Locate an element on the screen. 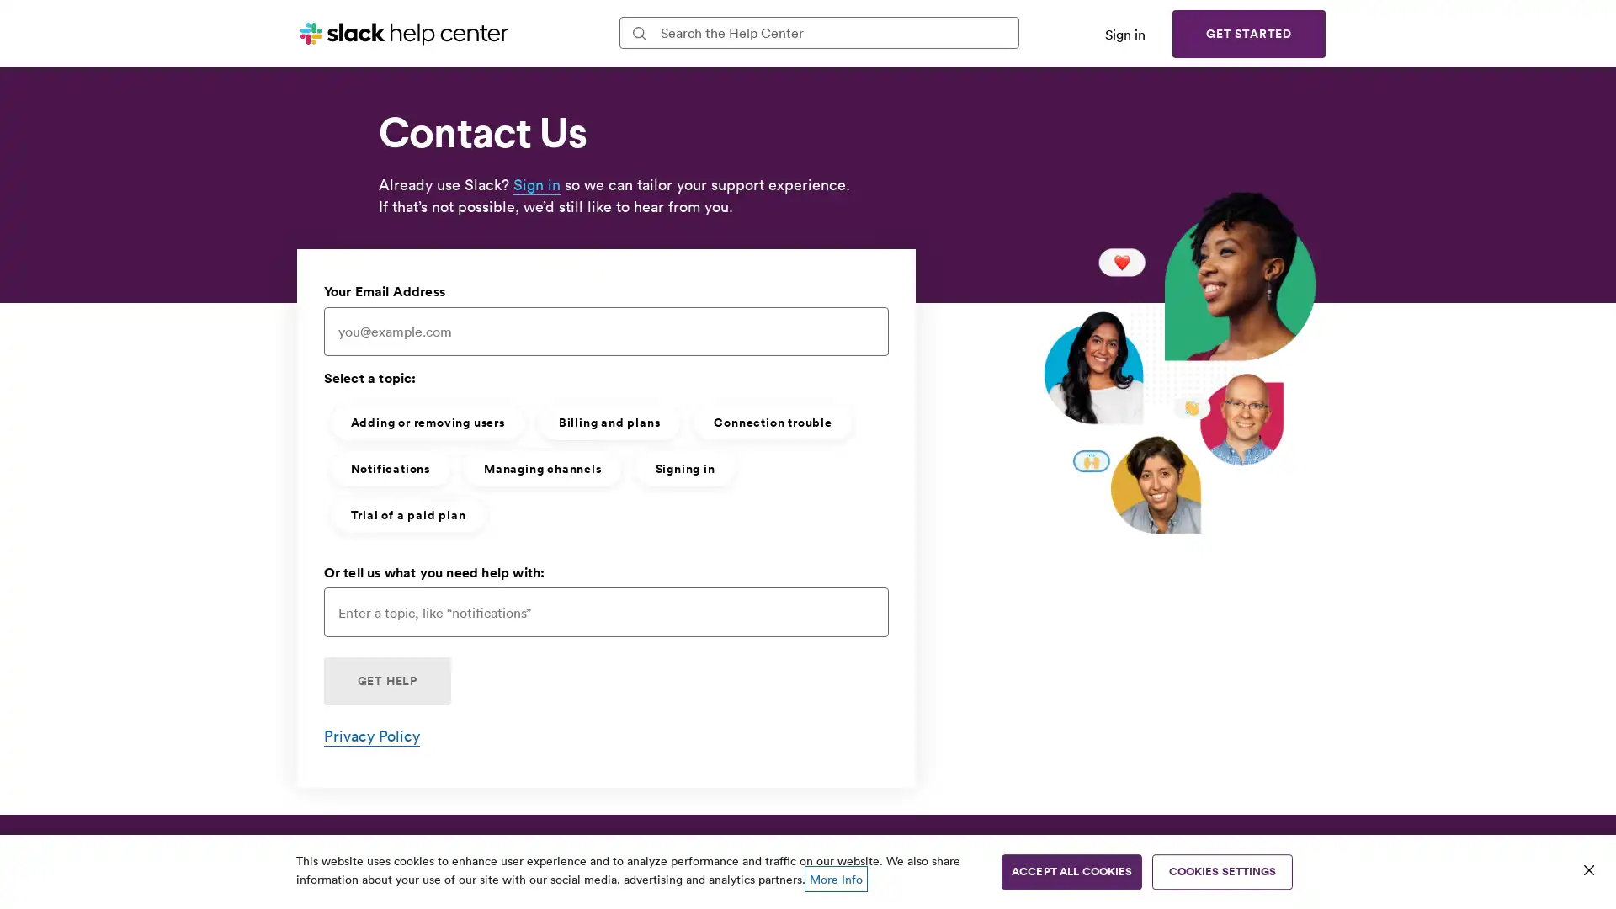 The image size is (1616, 909). Trial of a paid plan is located at coordinates (407, 513).